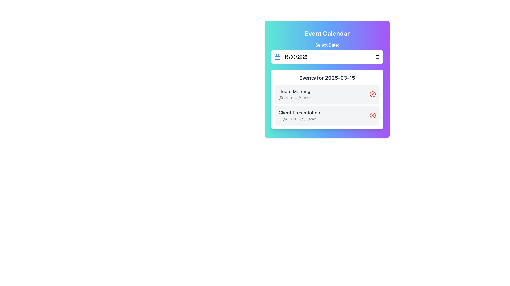 The width and height of the screenshot is (510, 286). What do you see at coordinates (327, 33) in the screenshot?
I see `the 'Event Calendar' text label, which is displayed in white, bold, large font against a colorful gradient background` at bounding box center [327, 33].